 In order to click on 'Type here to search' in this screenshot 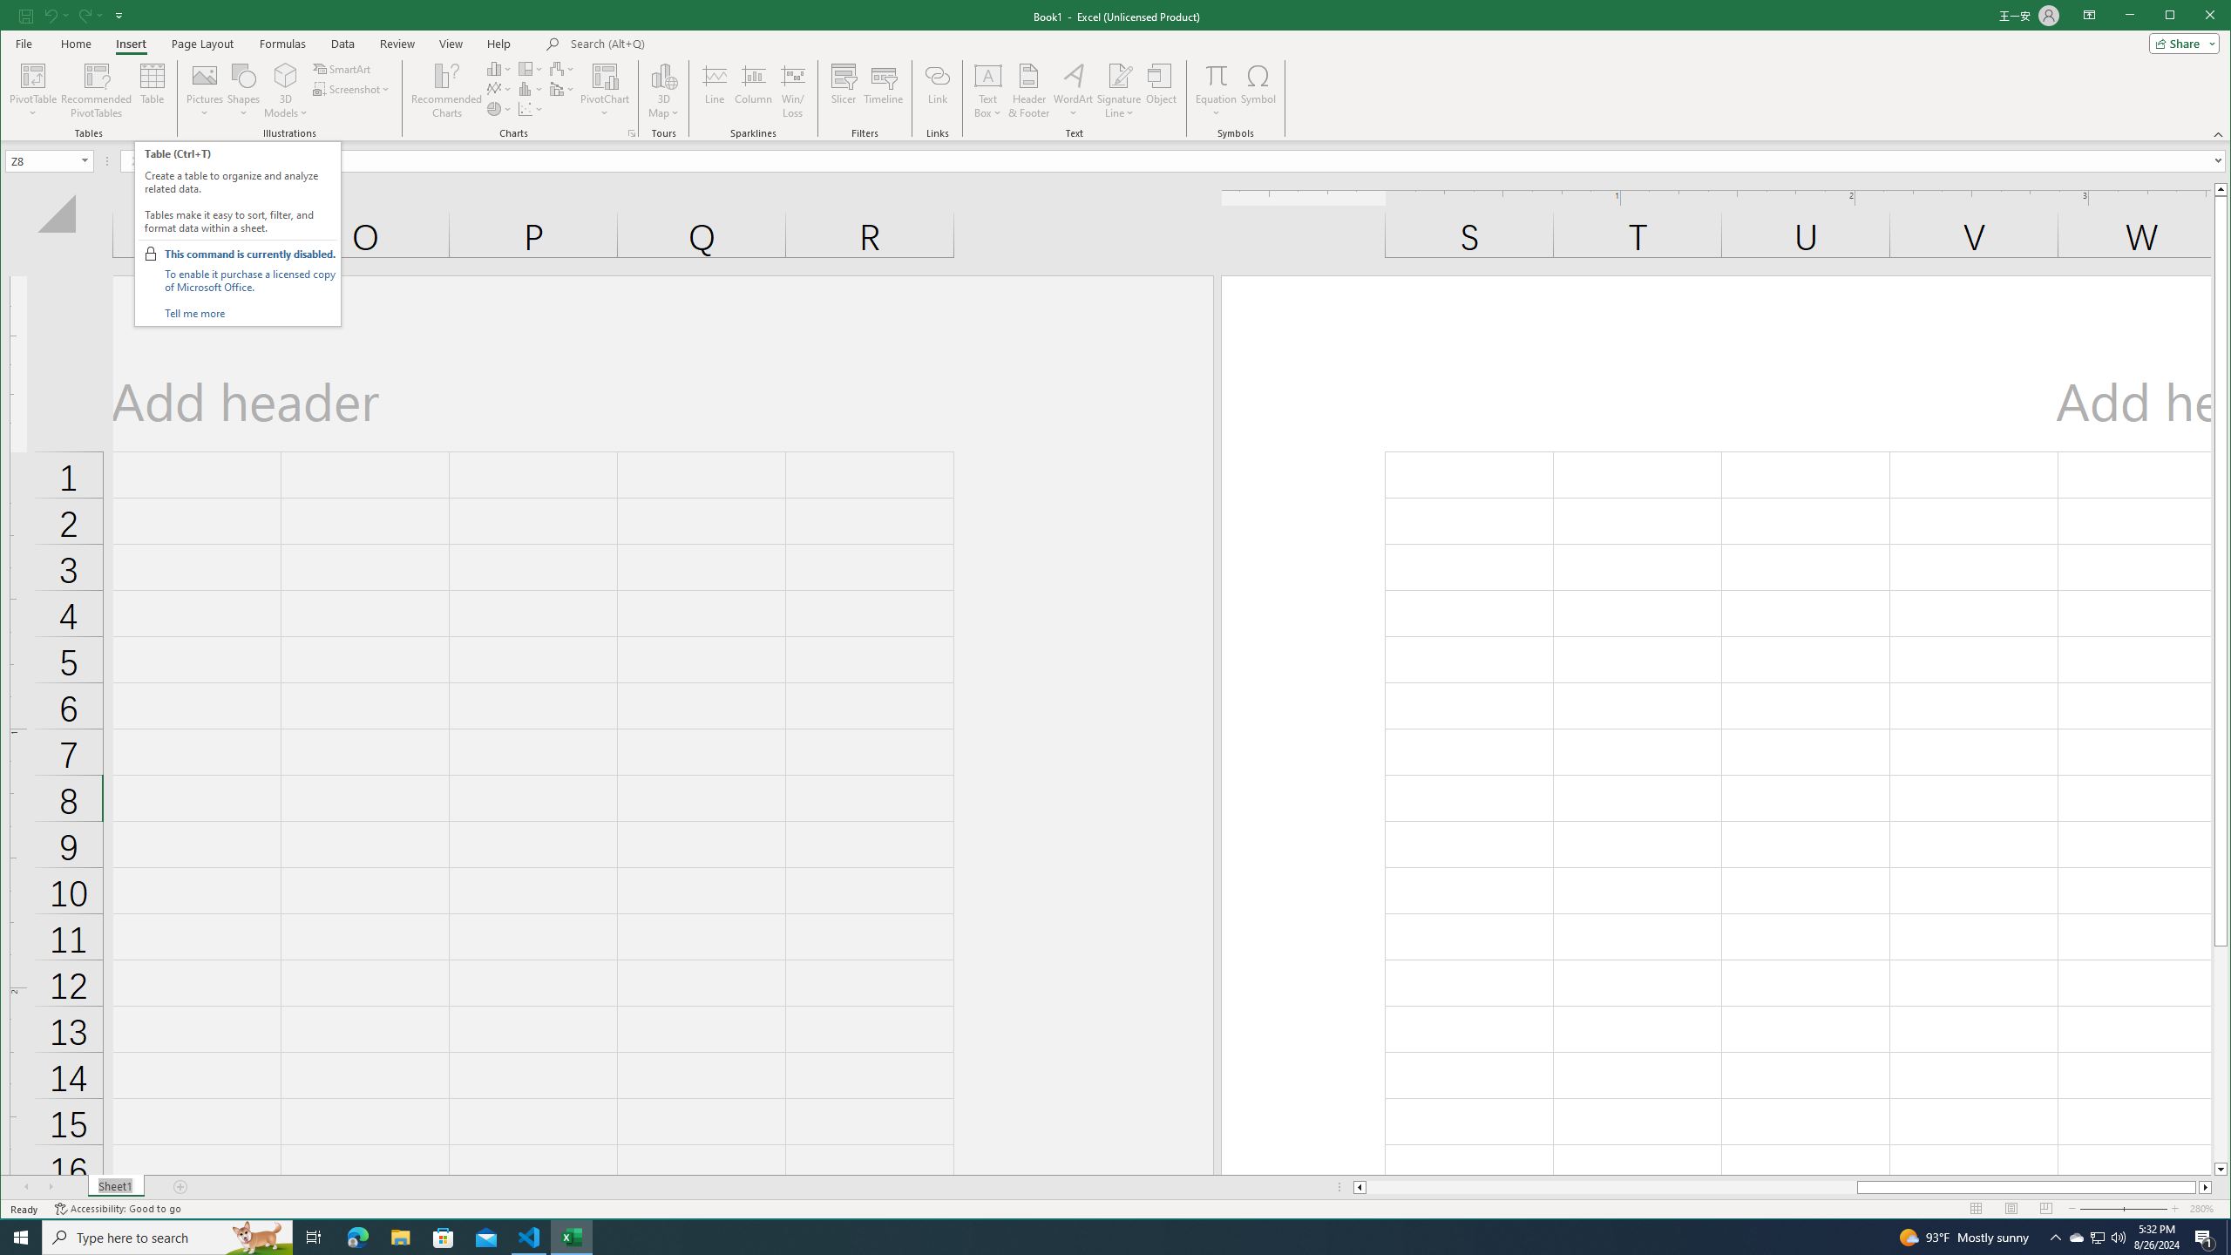, I will do `click(166, 1236)`.